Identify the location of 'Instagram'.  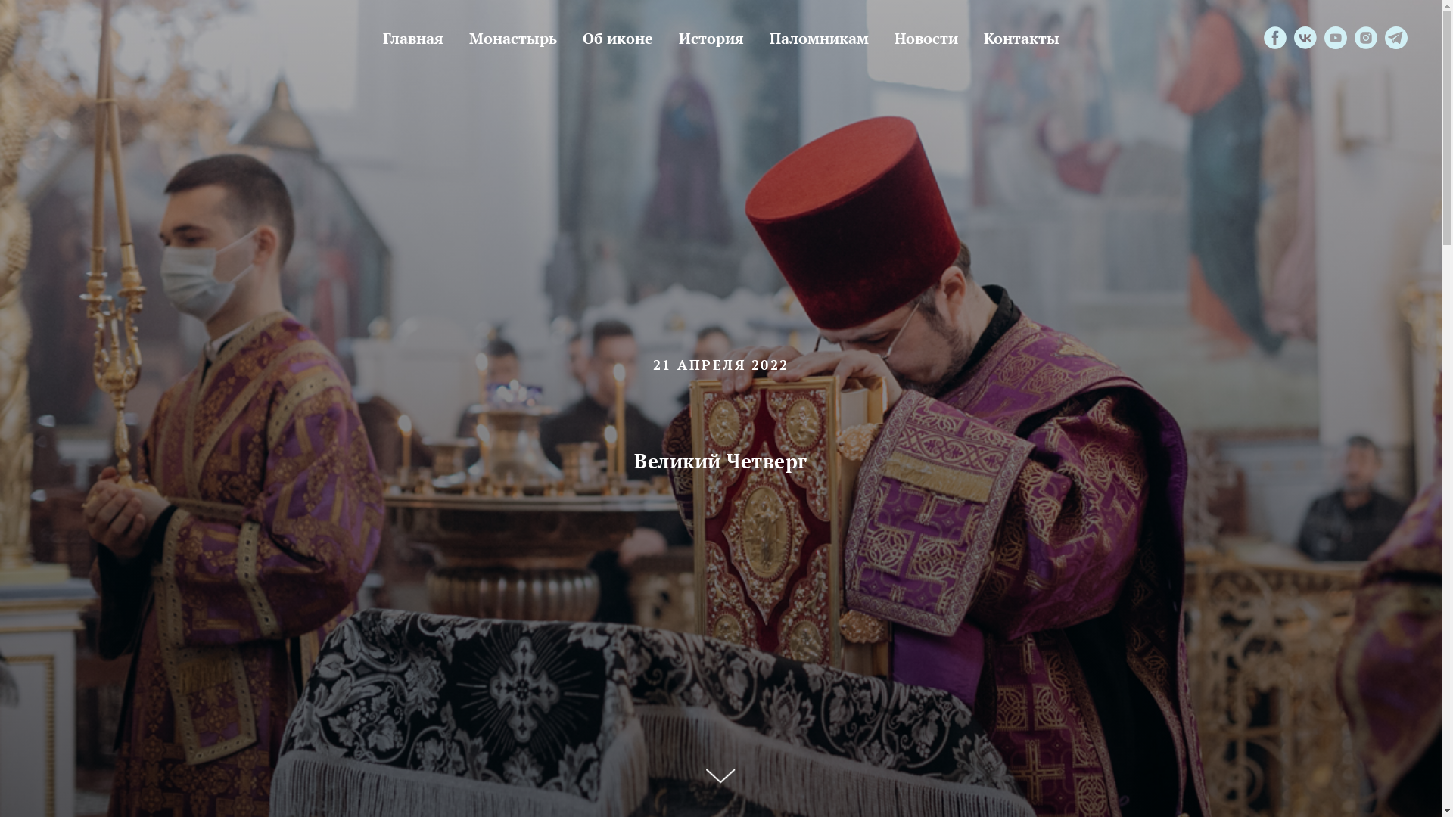
(1365, 37).